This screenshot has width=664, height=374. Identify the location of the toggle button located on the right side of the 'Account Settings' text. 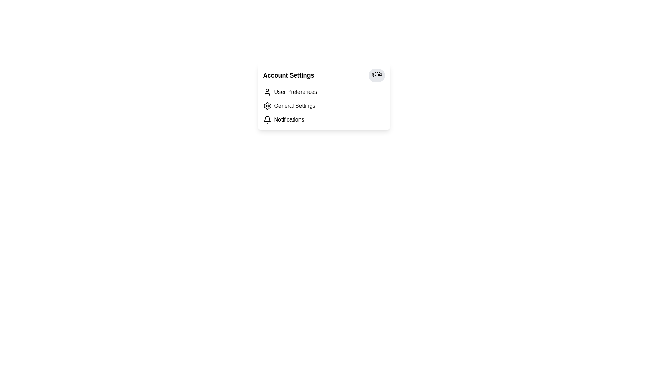
(376, 75).